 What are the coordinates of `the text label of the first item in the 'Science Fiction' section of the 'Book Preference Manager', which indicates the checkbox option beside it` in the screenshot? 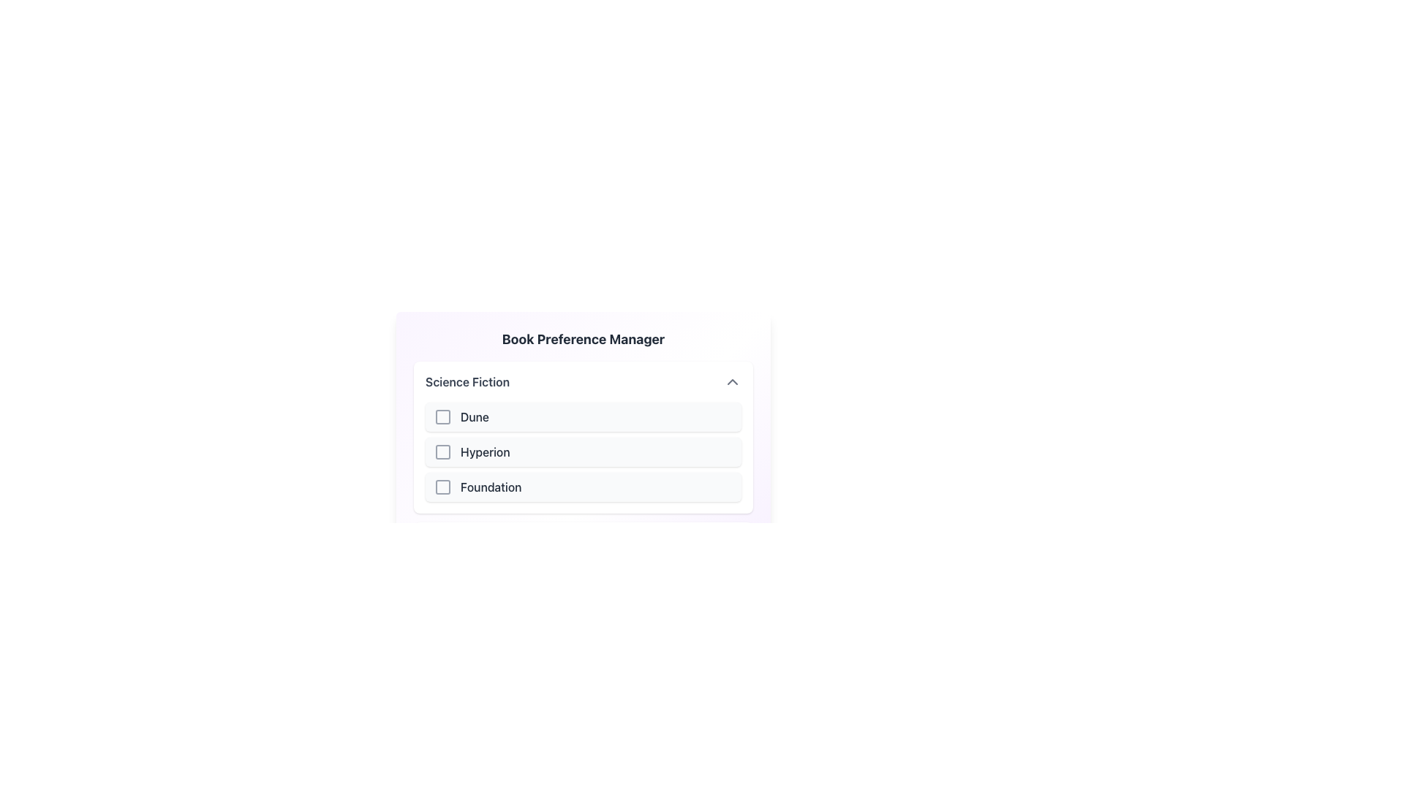 It's located at (475, 416).